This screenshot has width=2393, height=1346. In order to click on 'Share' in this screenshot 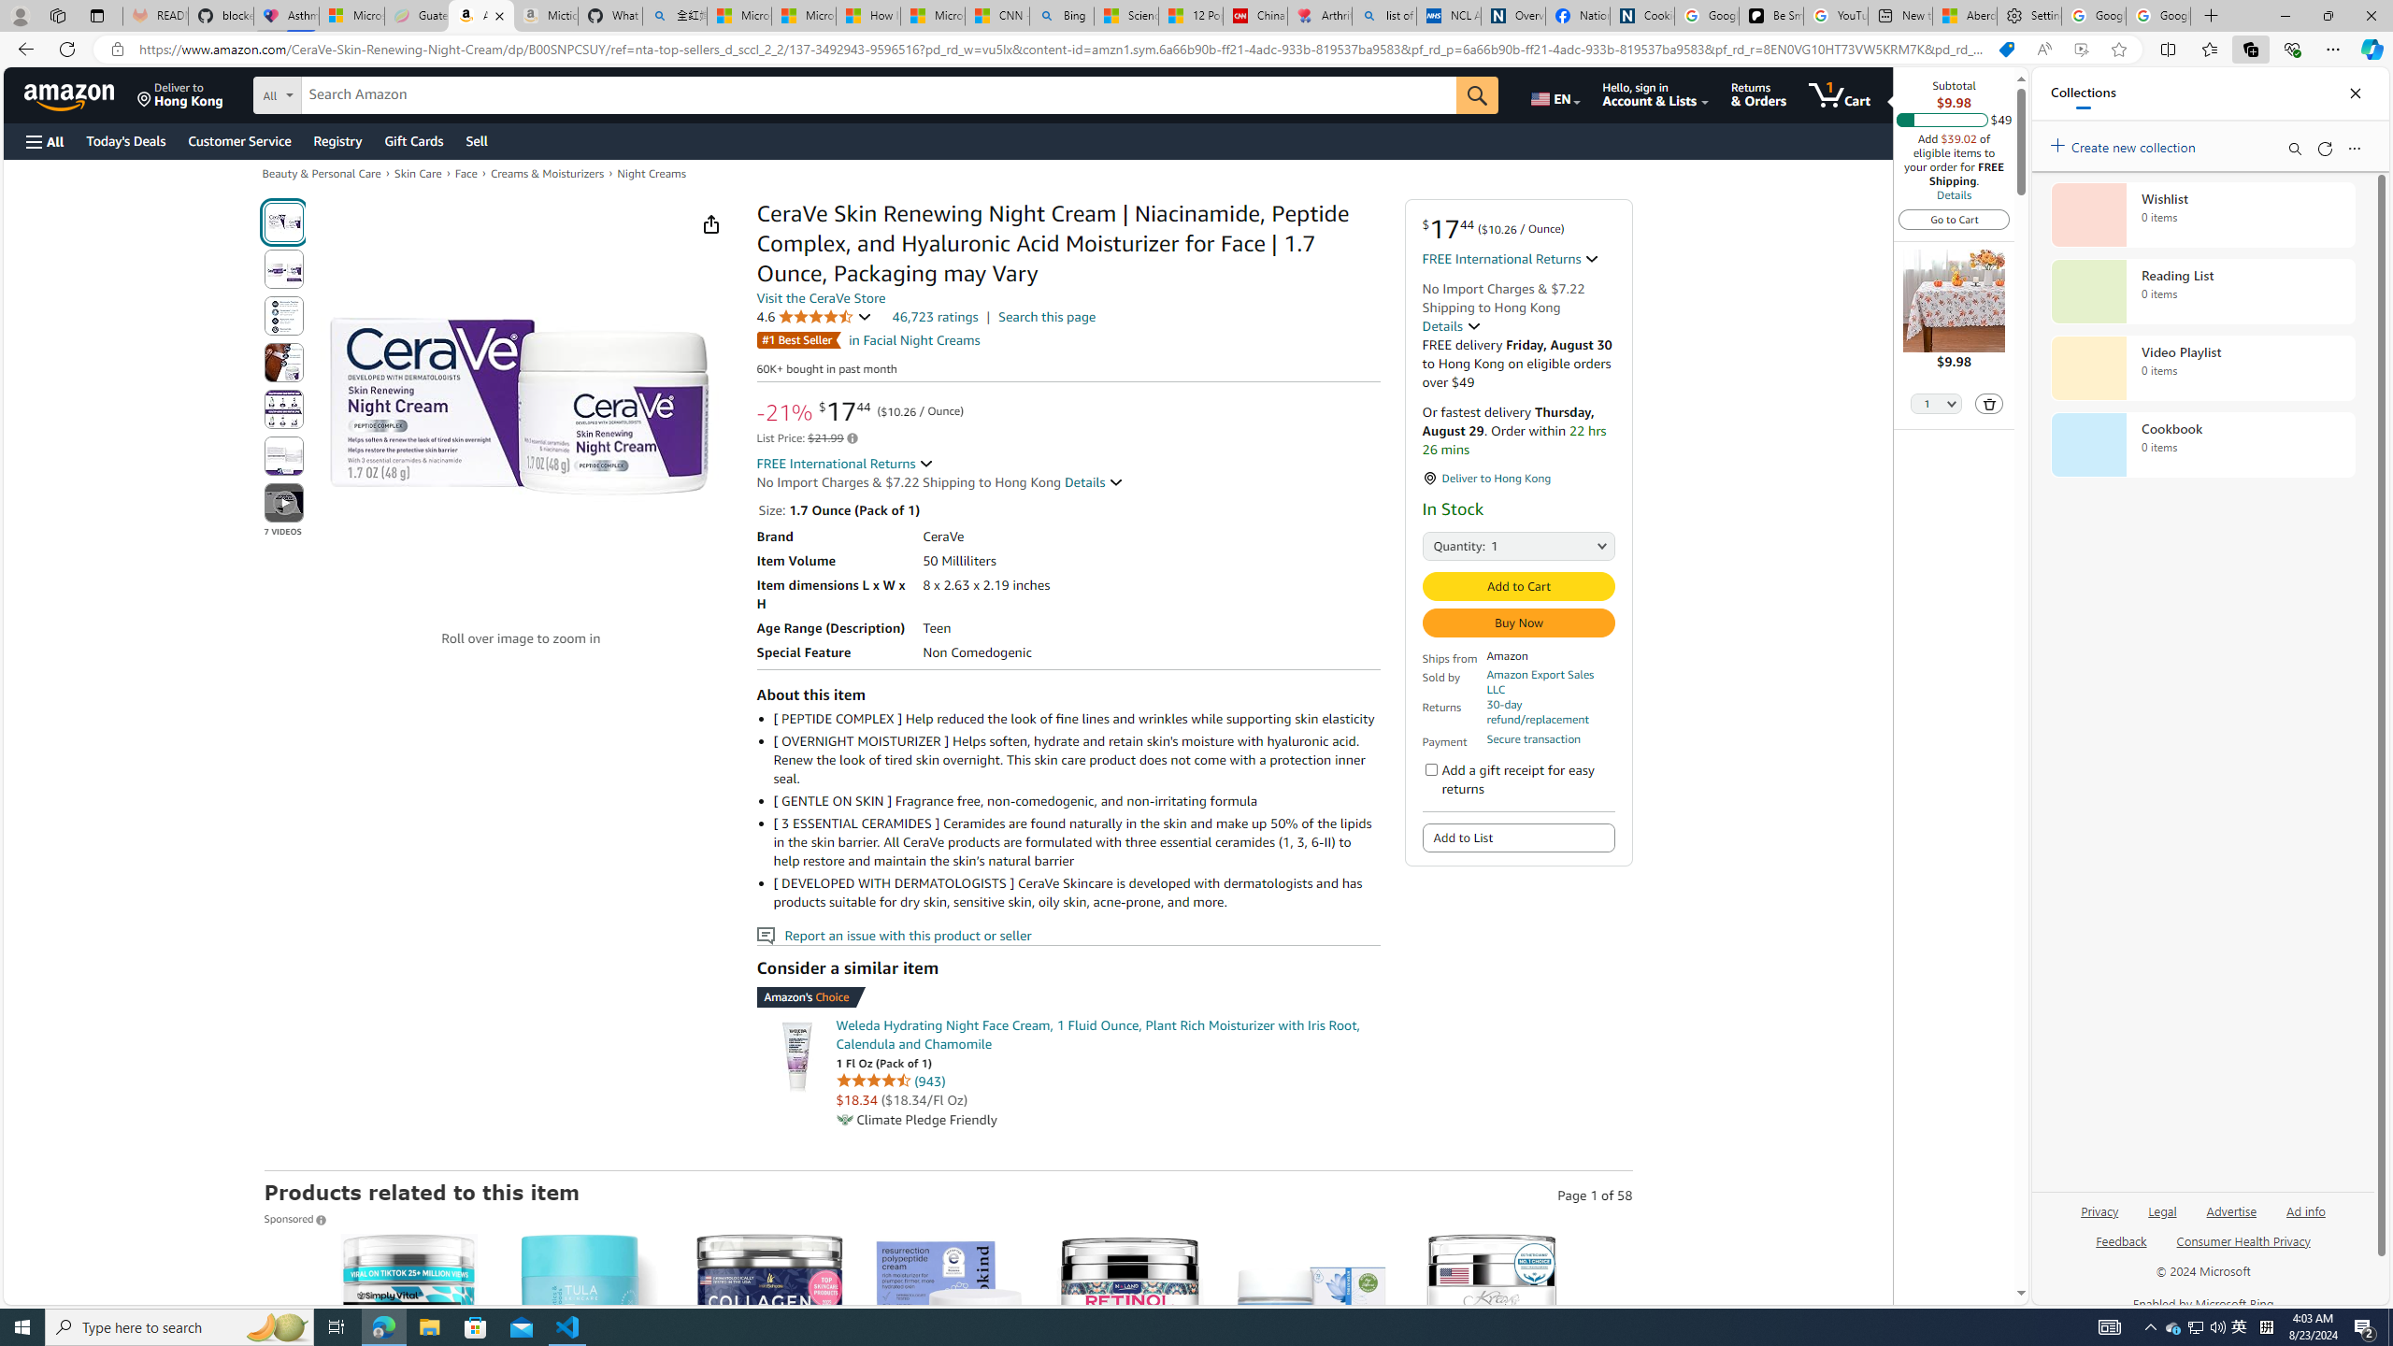, I will do `click(709, 222)`.